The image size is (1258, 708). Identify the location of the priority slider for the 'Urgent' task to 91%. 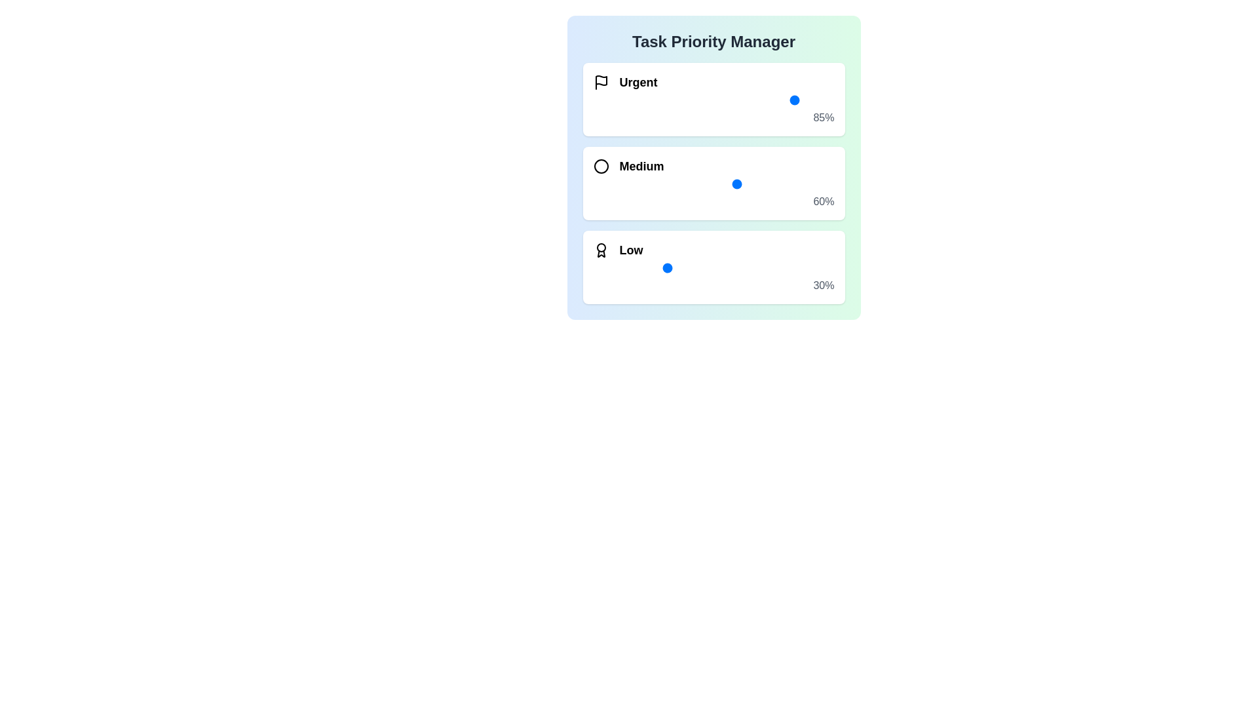
(812, 100).